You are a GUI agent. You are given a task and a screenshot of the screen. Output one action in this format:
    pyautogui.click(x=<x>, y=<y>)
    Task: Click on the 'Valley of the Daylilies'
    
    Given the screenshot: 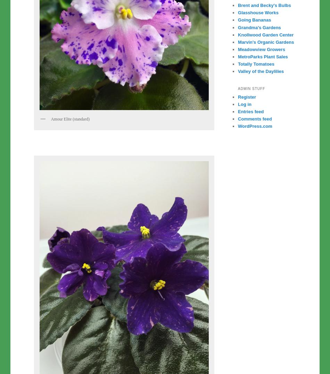 What is the action you would take?
    pyautogui.click(x=238, y=71)
    